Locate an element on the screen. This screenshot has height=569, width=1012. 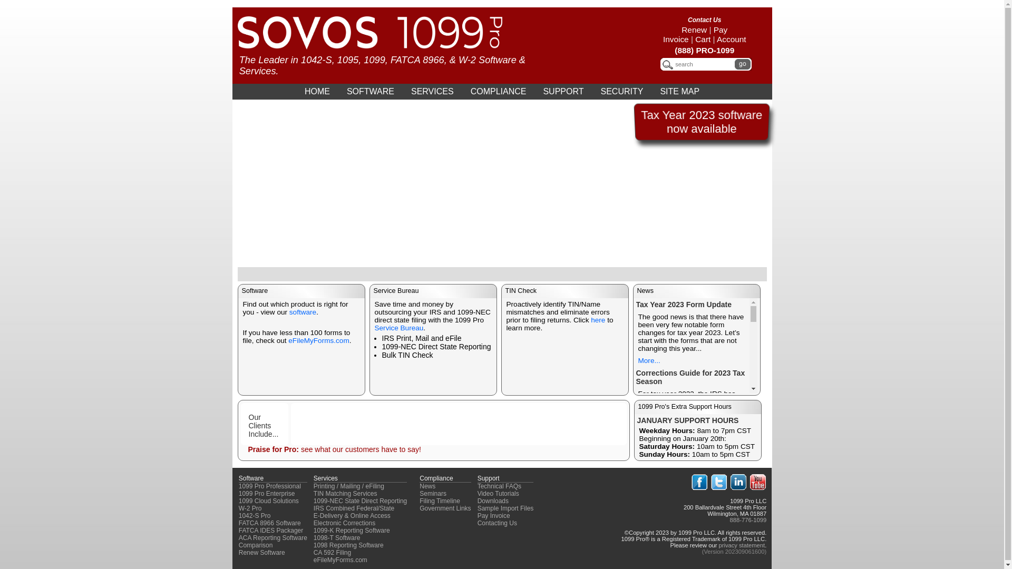
'Software' is located at coordinates (250, 478).